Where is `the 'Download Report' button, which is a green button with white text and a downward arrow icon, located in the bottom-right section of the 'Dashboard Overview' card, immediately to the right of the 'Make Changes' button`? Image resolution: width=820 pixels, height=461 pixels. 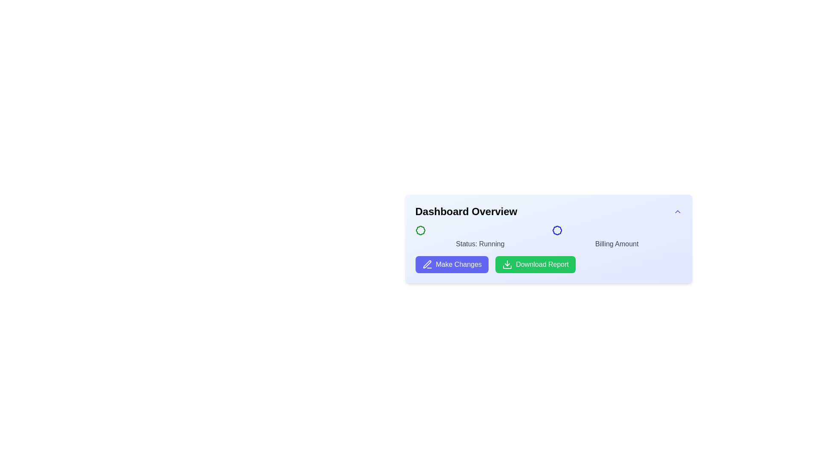
the 'Download Report' button, which is a green button with white text and a downward arrow icon, located in the bottom-right section of the 'Dashboard Overview' card, immediately to the right of the 'Make Changes' button is located at coordinates (535, 264).